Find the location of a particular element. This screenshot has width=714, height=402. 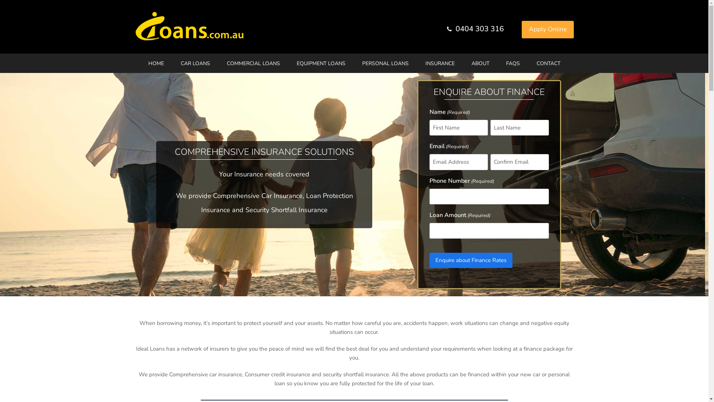

'COMMERCIAL LOANS' is located at coordinates (253, 63).